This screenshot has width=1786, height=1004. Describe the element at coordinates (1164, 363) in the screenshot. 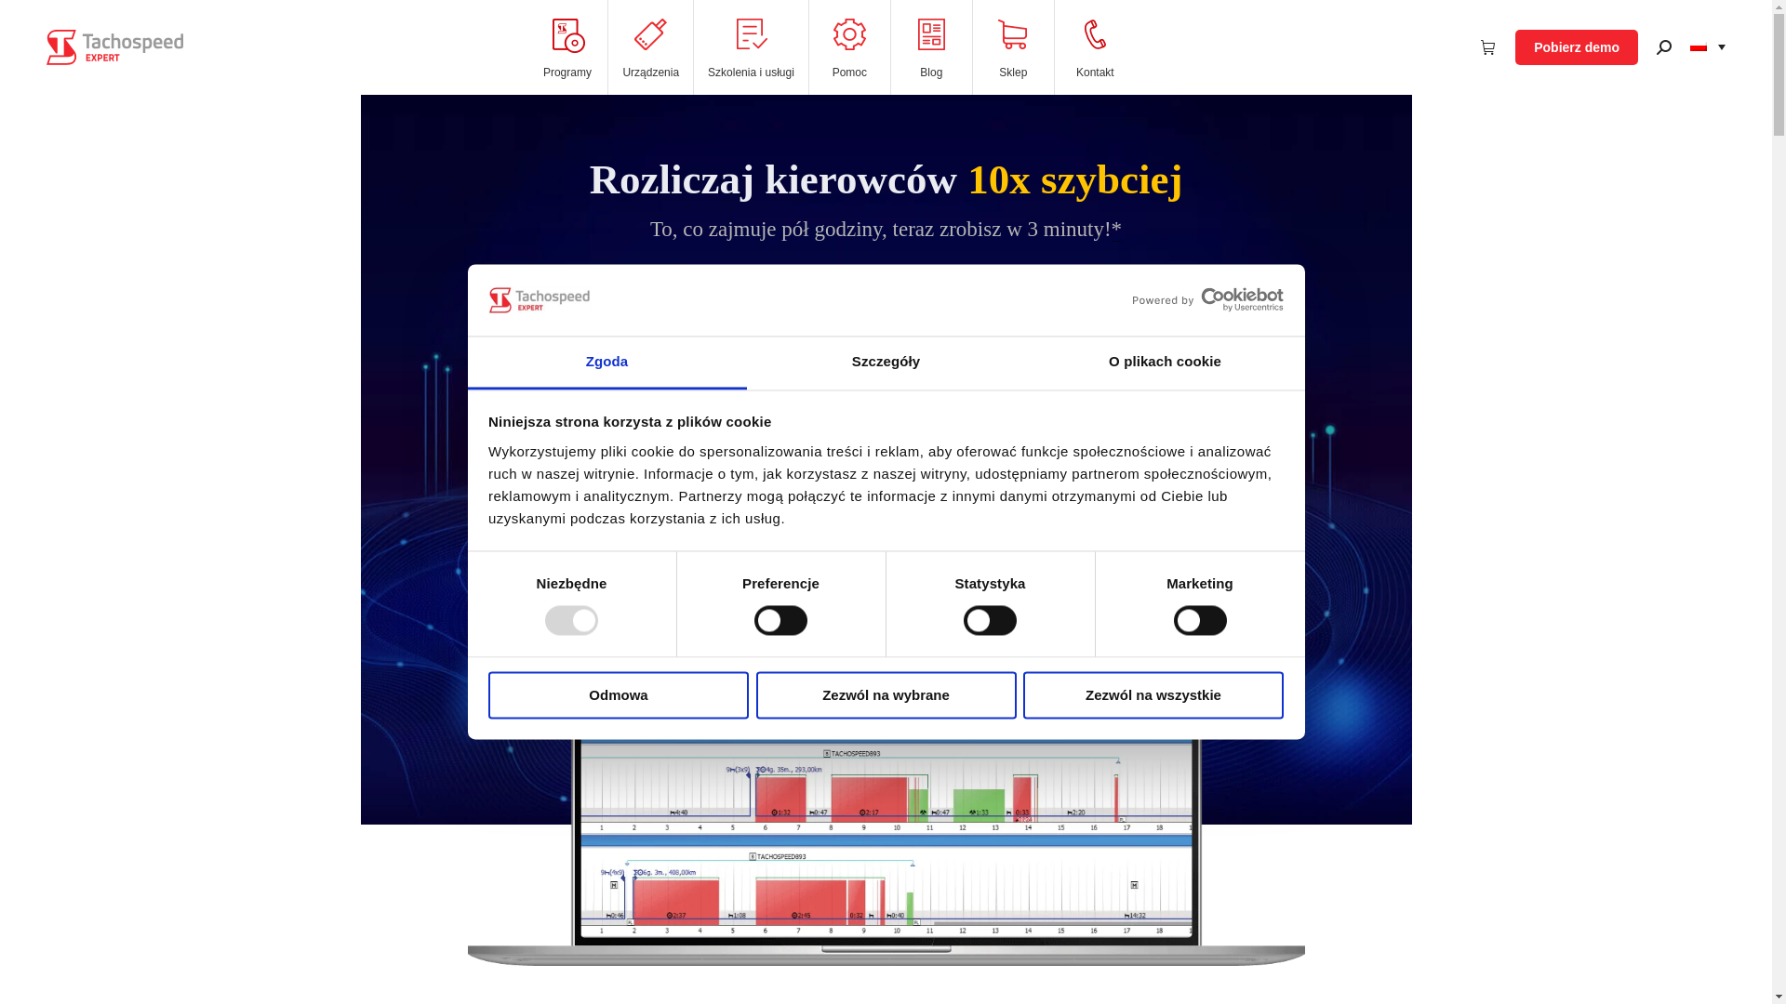

I see `'O plikach cookie'` at that location.